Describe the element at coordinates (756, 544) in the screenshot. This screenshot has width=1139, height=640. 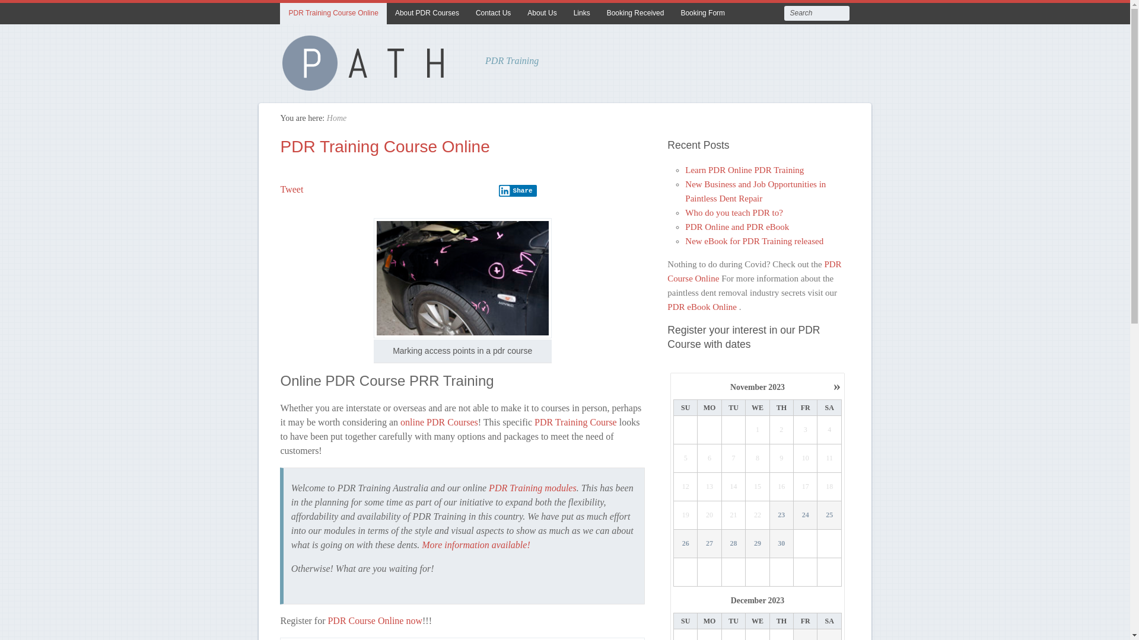
I see `'29'` at that location.